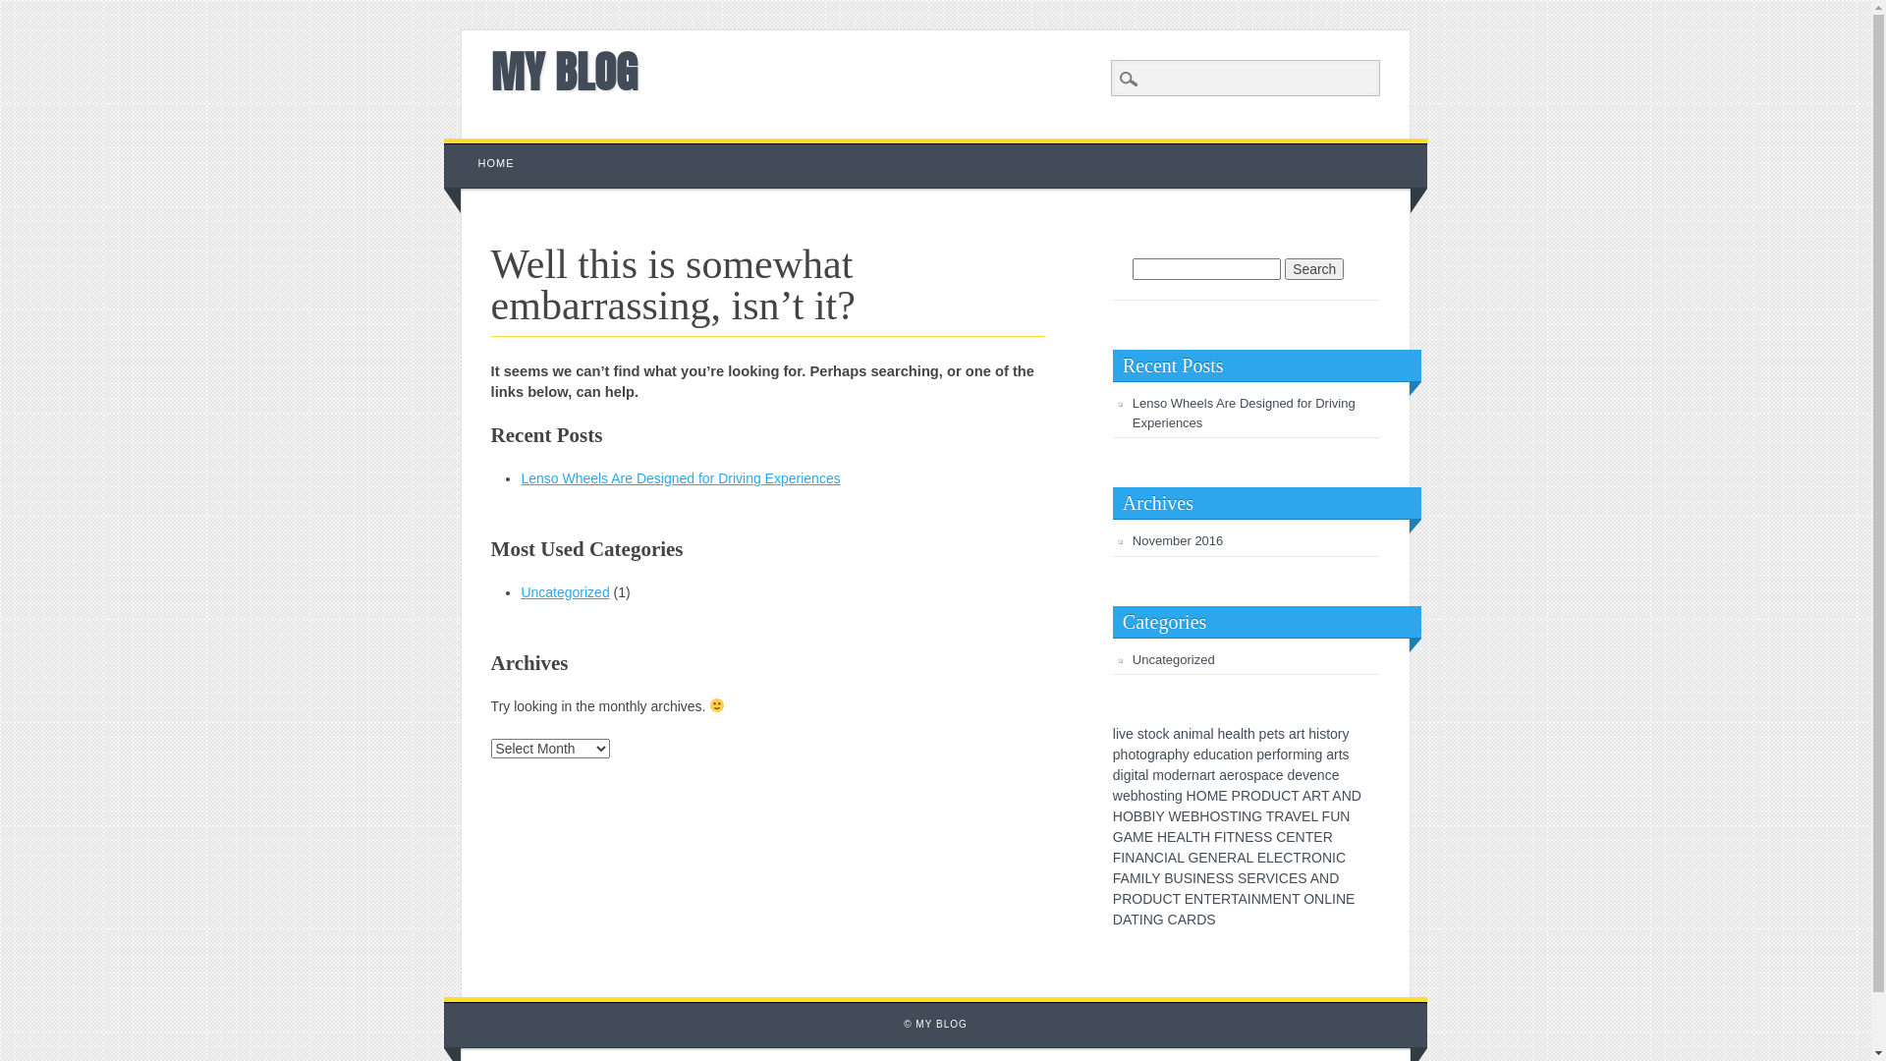 The image size is (1886, 1061). Describe the element at coordinates (1118, 837) in the screenshot. I see `'G'` at that location.